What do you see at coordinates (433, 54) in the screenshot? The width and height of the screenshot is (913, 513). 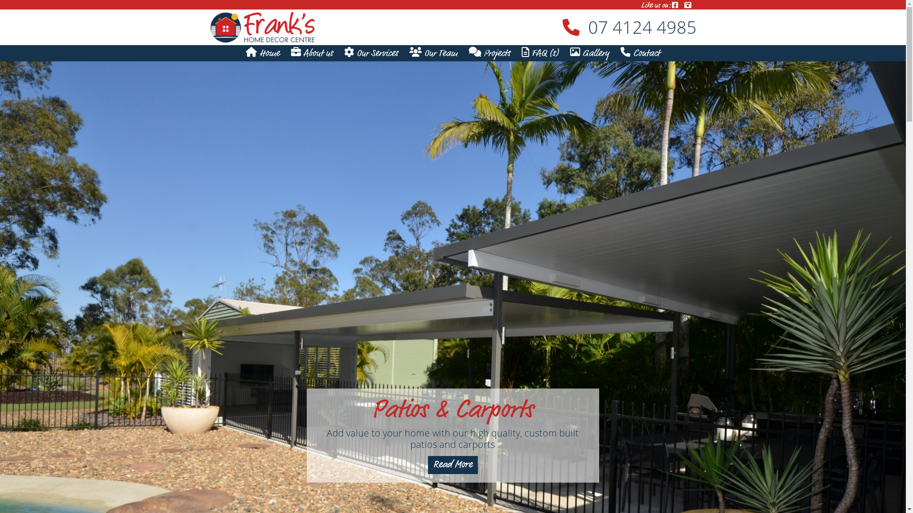 I see `'Our Team'` at bounding box center [433, 54].